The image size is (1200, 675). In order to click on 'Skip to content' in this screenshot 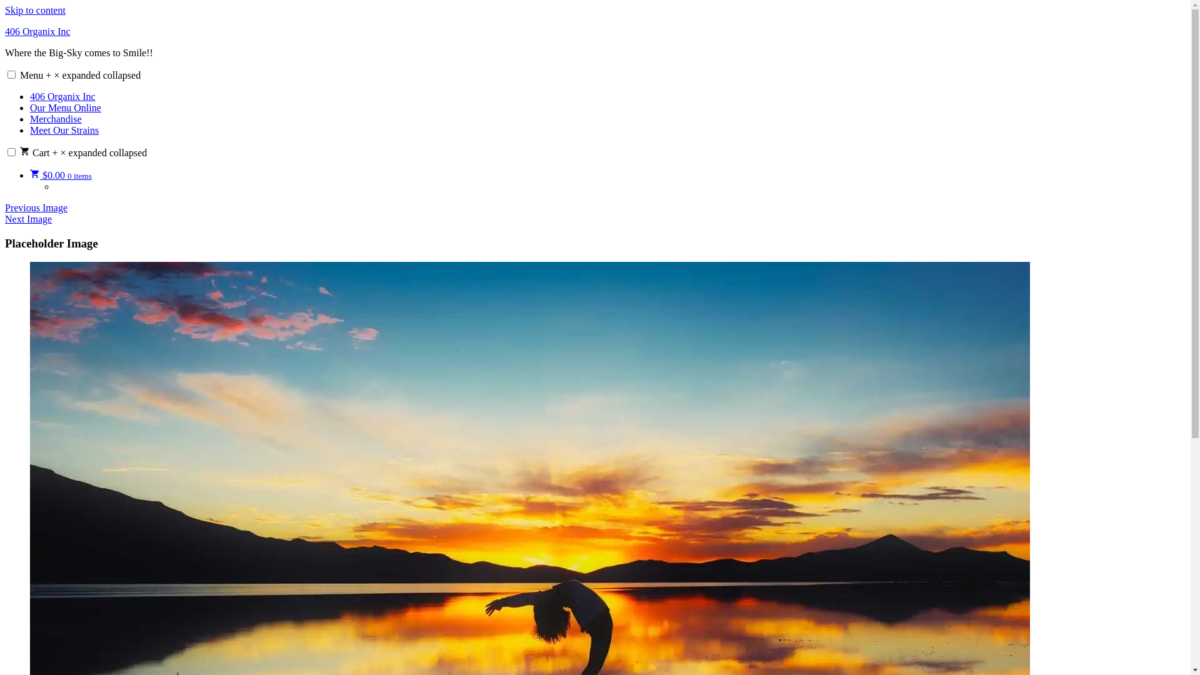, I will do `click(35, 10)`.